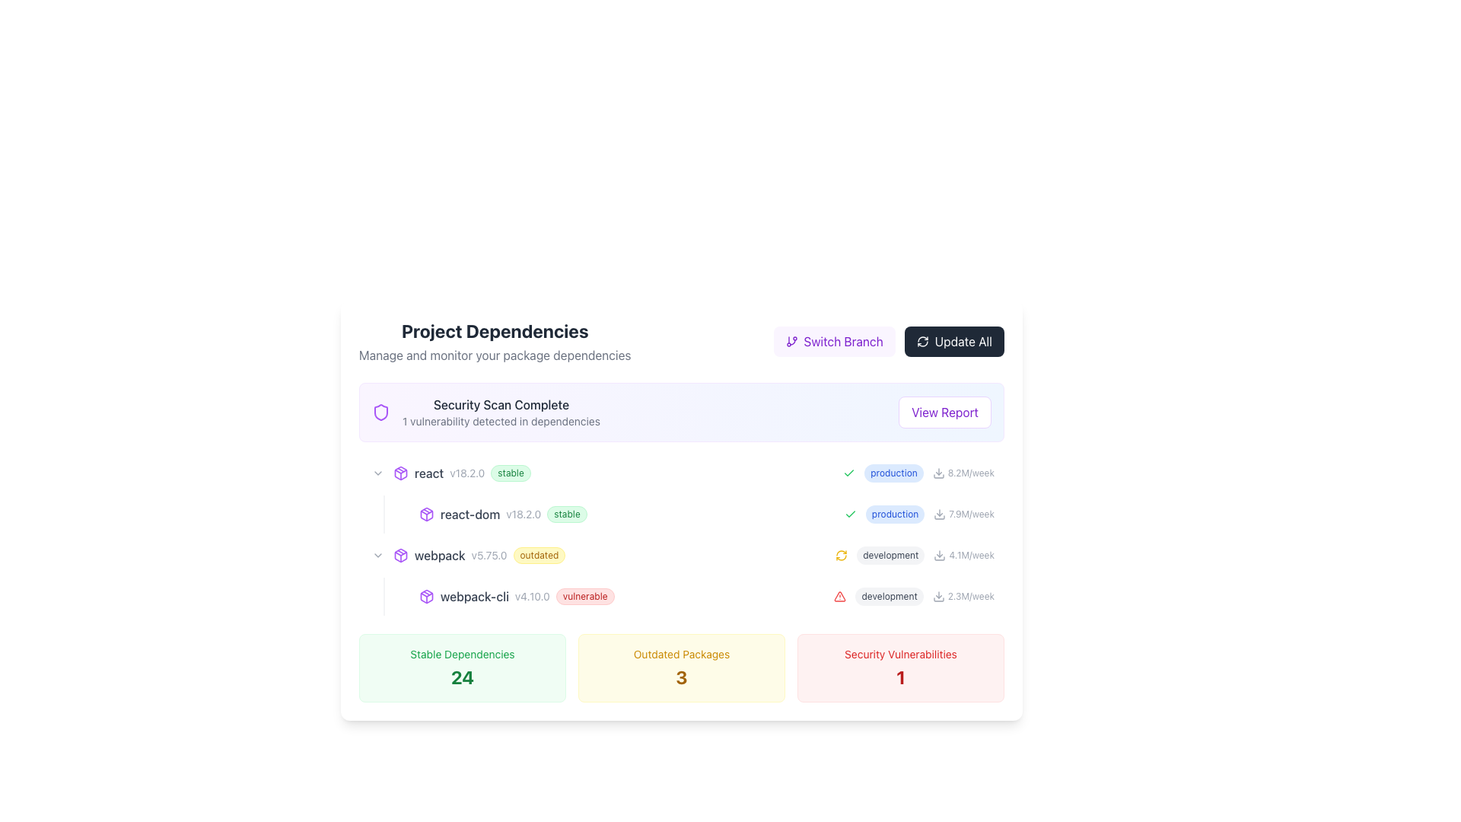 The height and width of the screenshot is (822, 1461). I want to click on the static text label that describes the count of outdated packages, located above the large '3' indicator within a yellow card at the center-bottom of the interface, so click(681, 654).